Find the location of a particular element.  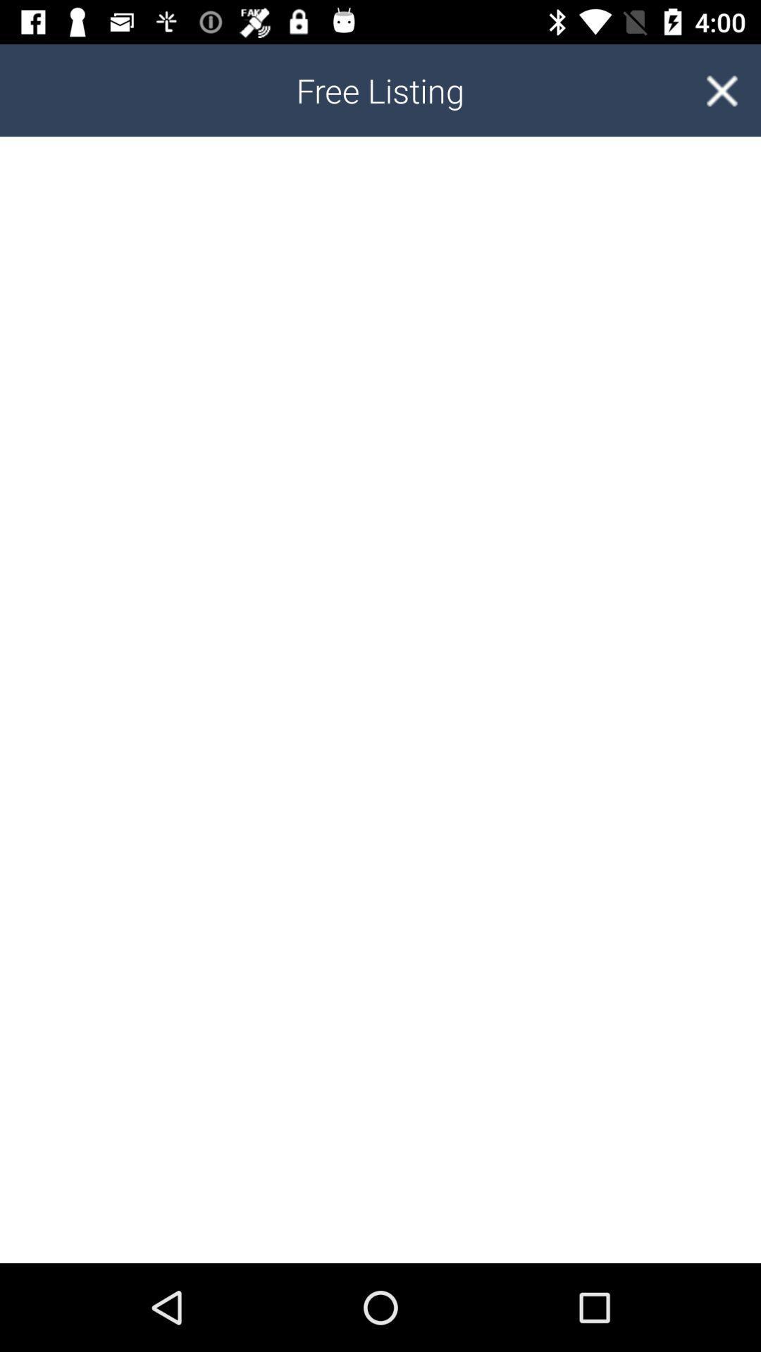

the icon to the right of the free listing item is located at coordinates (722, 89).